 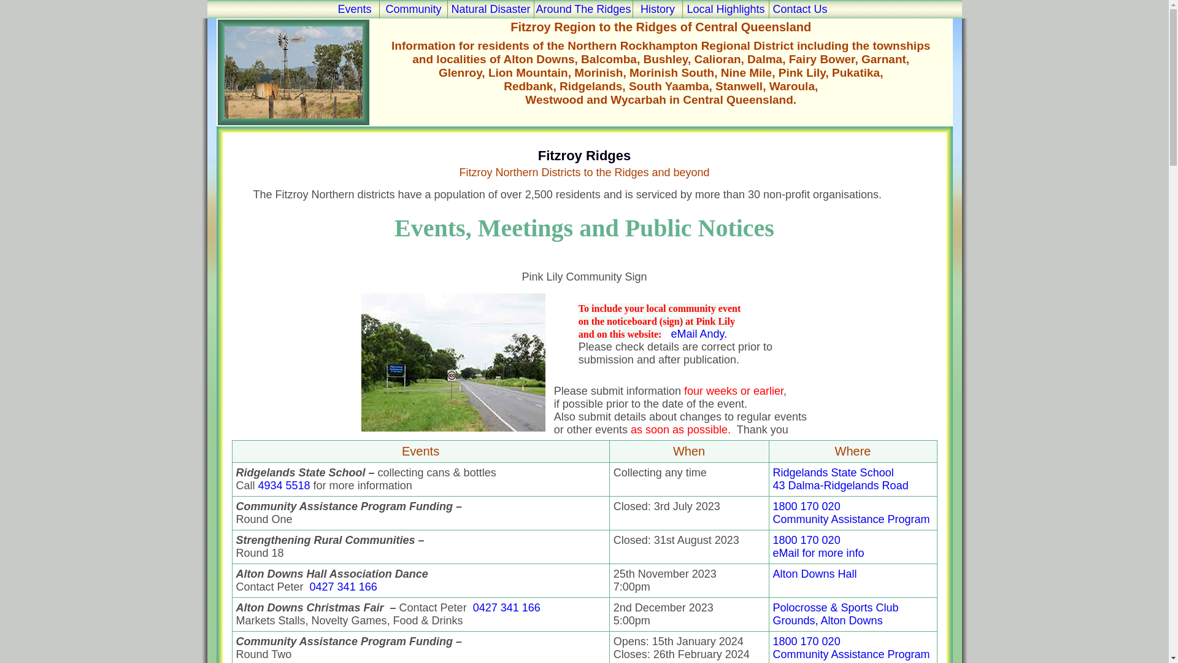 I want to click on 'eMail for more info', so click(x=772, y=553).